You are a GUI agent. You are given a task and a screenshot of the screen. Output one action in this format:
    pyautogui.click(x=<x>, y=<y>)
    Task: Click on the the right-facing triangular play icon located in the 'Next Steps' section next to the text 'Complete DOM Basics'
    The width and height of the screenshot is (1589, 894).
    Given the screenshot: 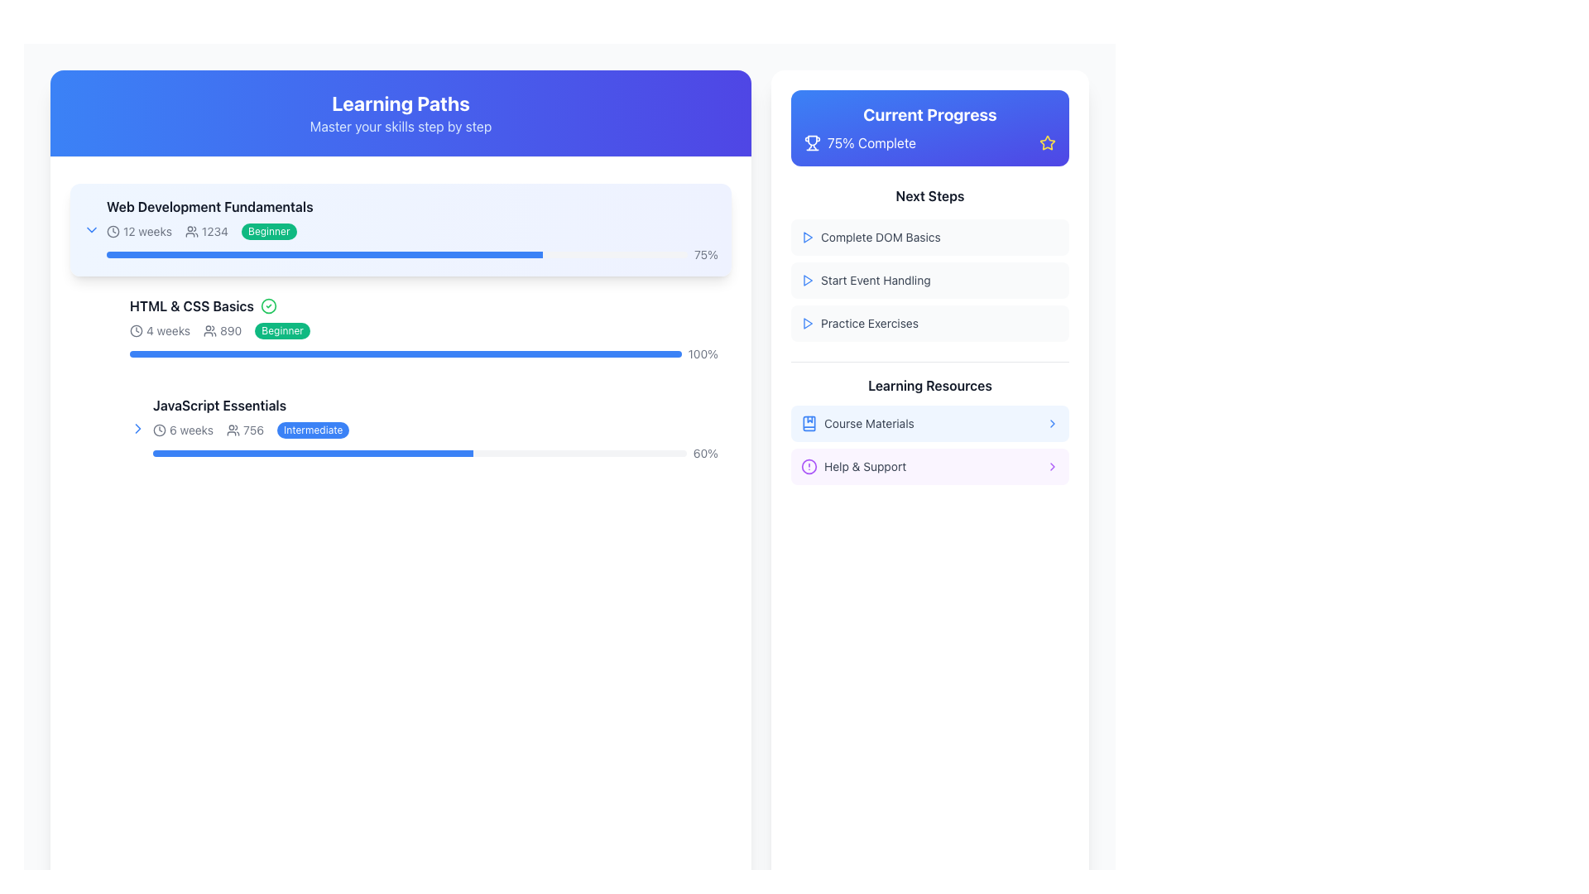 What is the action you would take?
    pyautogui.click(x=808, y=280)
    